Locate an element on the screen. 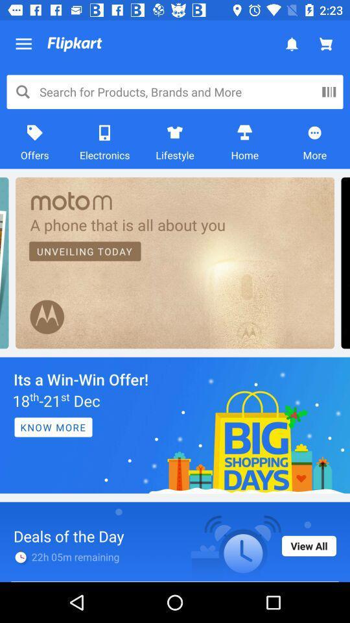  the icon which is just above the text electronics is located at coordinates (104, 132).